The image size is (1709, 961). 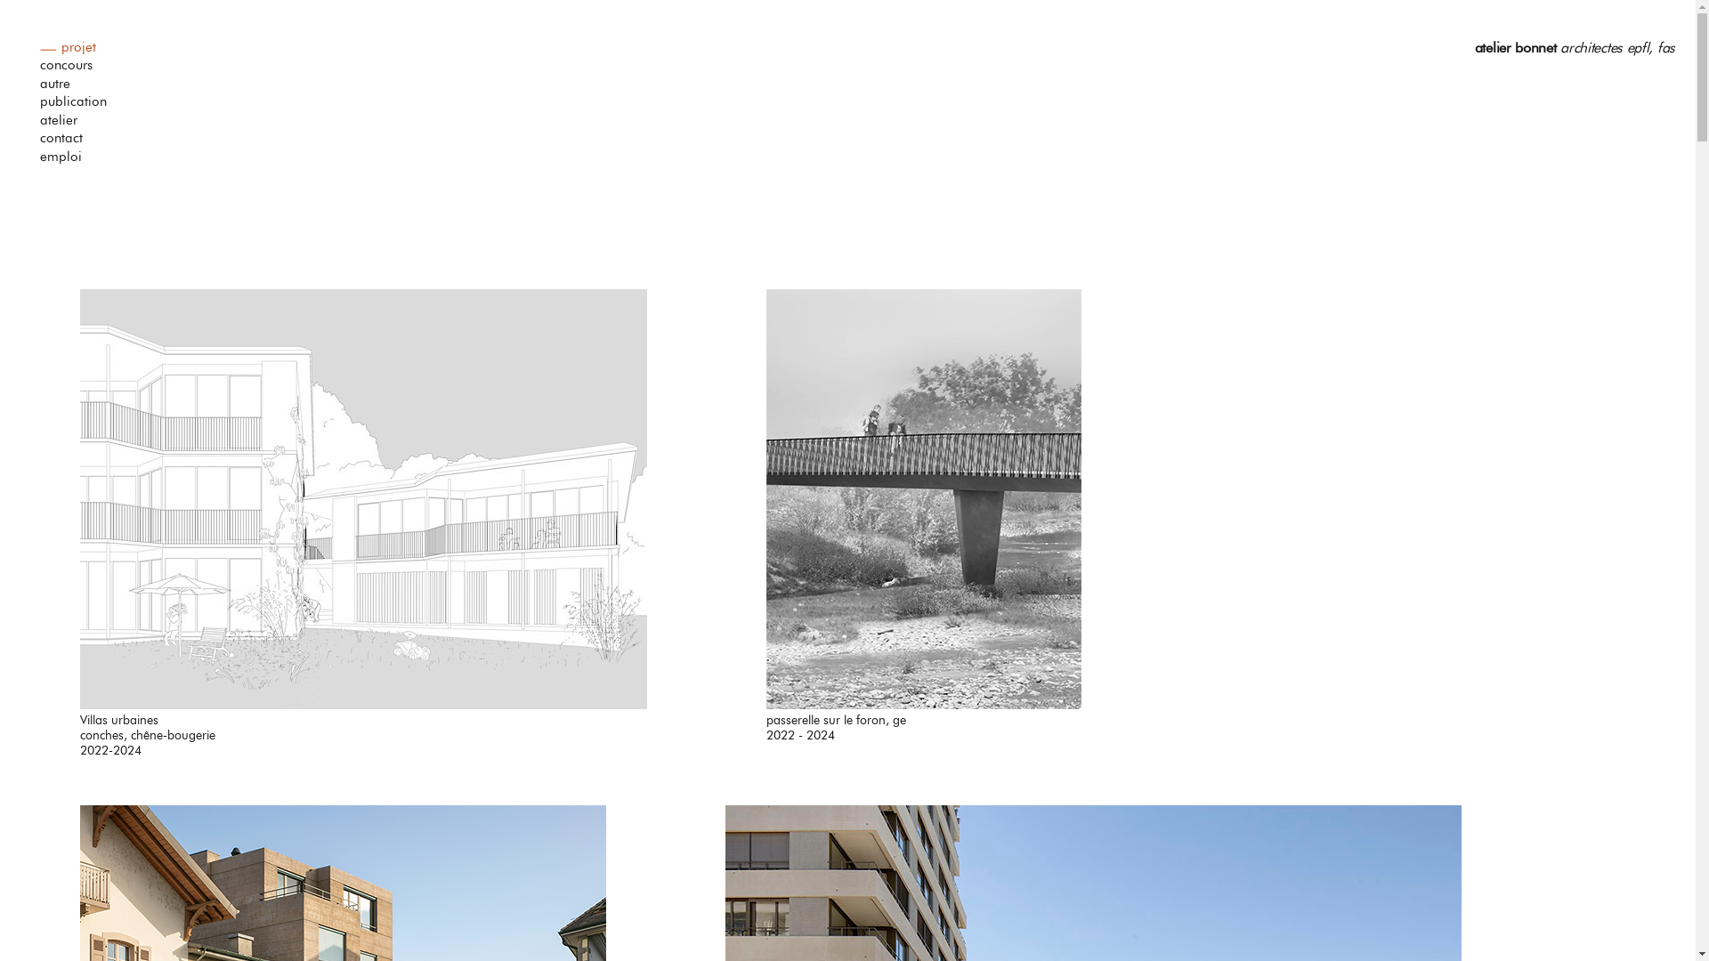 What do you see at coordinates (84, 65) in the screenshot?
I see `'concours'` at bounding box center [84, 65].